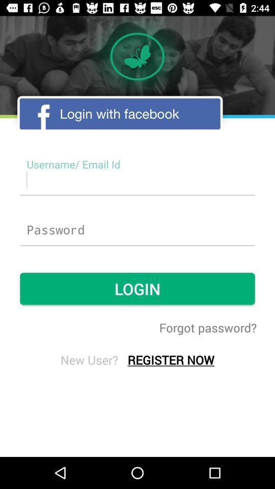 This screenshot has width=275, height=489. I want to click on login, so click(137, 230).